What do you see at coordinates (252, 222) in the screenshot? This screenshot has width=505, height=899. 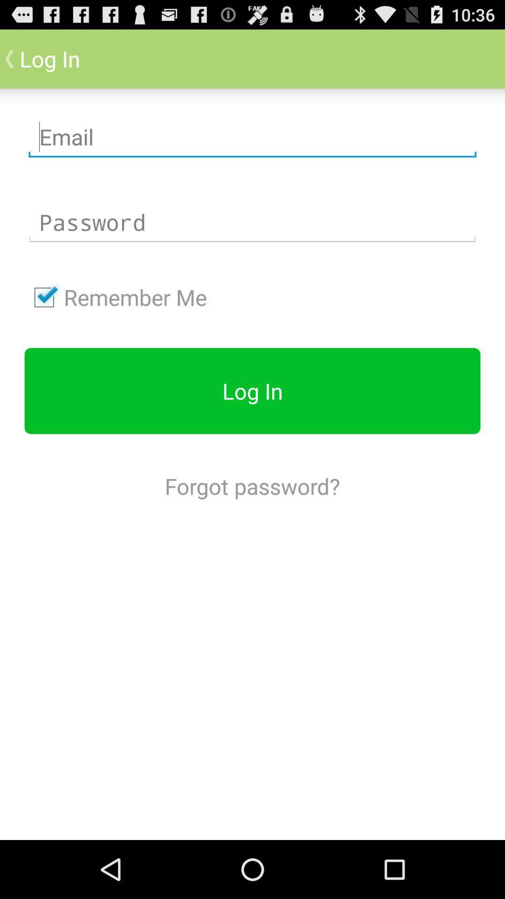 I see `a line to type in your password` at bounding box center [252, 222].